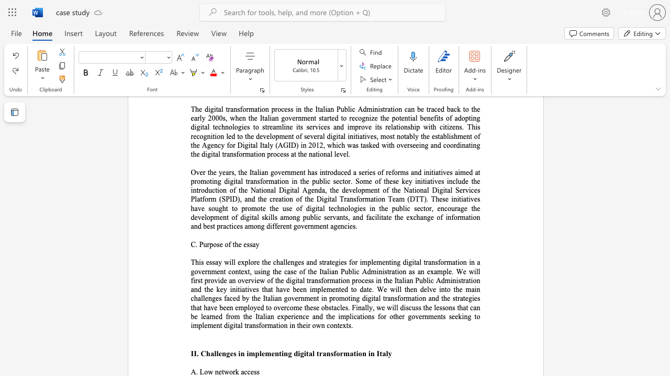 This screenshot has width=670, height=376. I want to click on the subset text ". L" within the text "A. Low network access", so click(196, 371).